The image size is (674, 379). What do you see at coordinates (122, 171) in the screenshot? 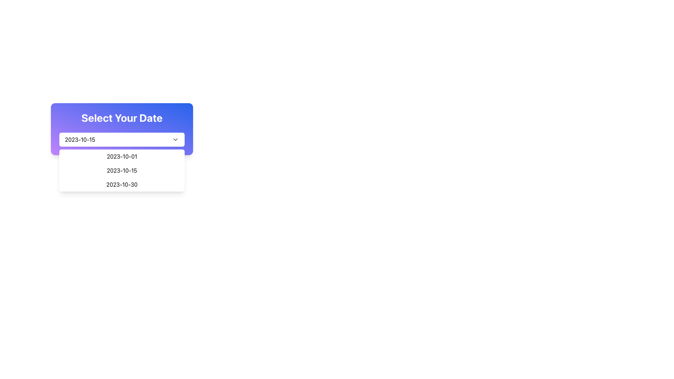
I see `the dropdown menu located below the button displaying the currently selected date ('2023-10-15')` at bounding box center [122, 171].